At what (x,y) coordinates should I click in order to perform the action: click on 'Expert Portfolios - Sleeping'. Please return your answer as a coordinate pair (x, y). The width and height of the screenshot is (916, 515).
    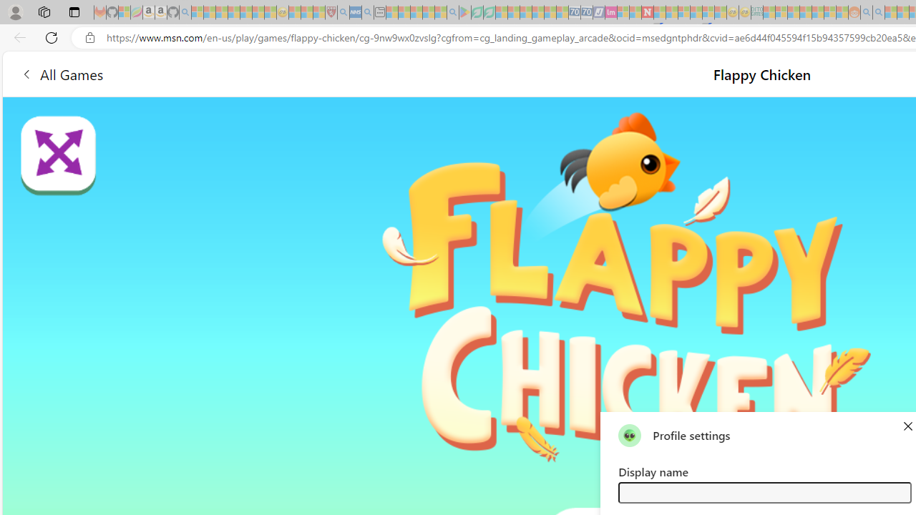
    Looking at the image, I should click on (805, 12).